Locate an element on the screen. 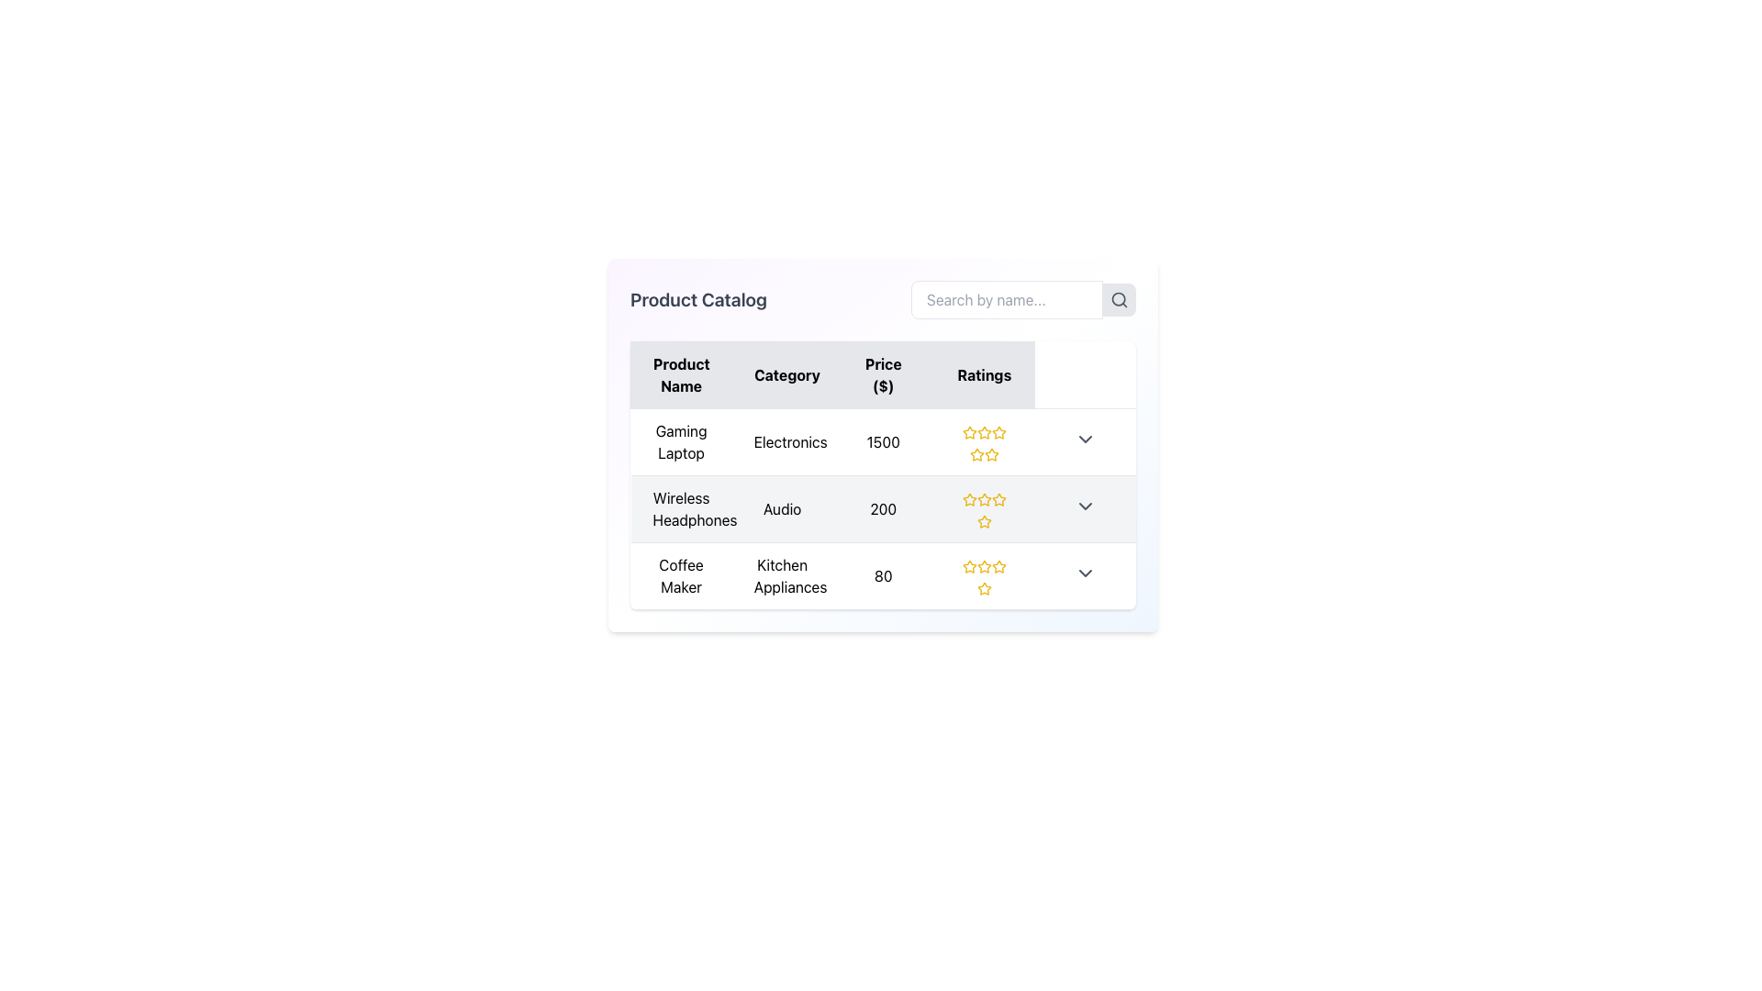  the Dropdown Toggle element with a downward-pointing chevron icon in the 'Ratings' column of the third row for the product 'Coffee Maker' is located at coordinates (1085, 572).